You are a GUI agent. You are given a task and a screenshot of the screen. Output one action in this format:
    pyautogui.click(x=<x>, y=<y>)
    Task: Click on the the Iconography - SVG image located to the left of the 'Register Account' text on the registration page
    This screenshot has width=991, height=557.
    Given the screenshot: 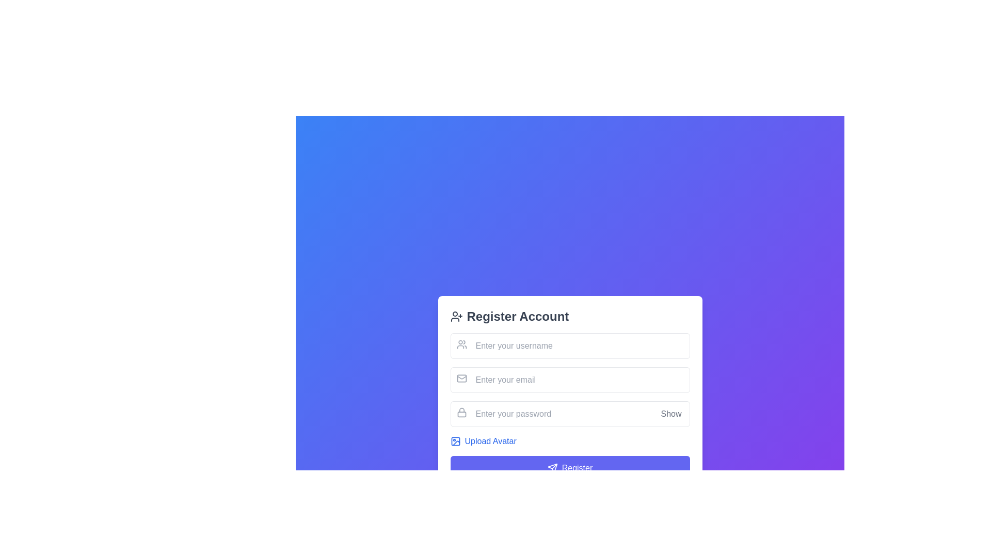 What is the action you would take?
    pyautogui.click(x=456, y=316)
    